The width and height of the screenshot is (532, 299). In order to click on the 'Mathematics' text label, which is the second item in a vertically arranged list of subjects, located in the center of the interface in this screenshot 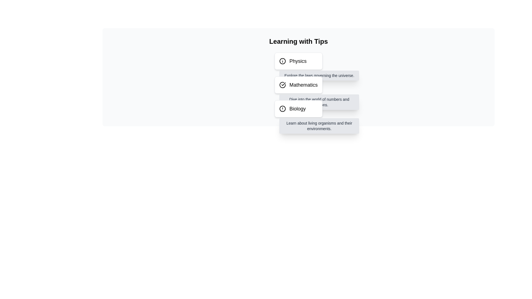, I will do `click(303, 85)`.